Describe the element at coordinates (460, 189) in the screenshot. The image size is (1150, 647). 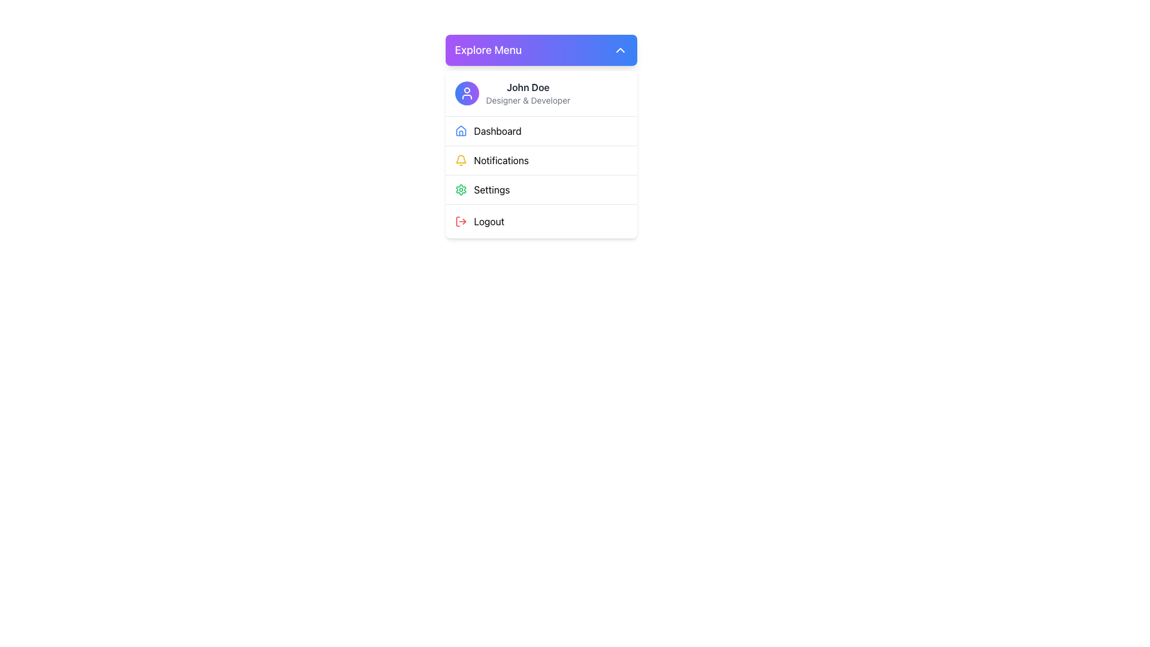
I see `the cogwheel-shaped icon located within the 'Settings' menu, which features a circular form with green highlights and is positioned to the left of the 'Settings' text label` at that location.